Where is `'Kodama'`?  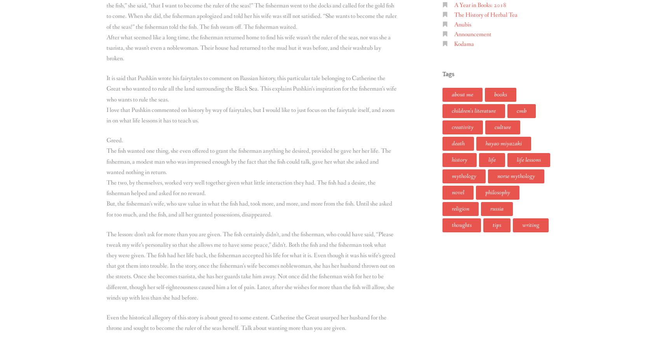 'Kodama' is located at coordinates (463, 44).